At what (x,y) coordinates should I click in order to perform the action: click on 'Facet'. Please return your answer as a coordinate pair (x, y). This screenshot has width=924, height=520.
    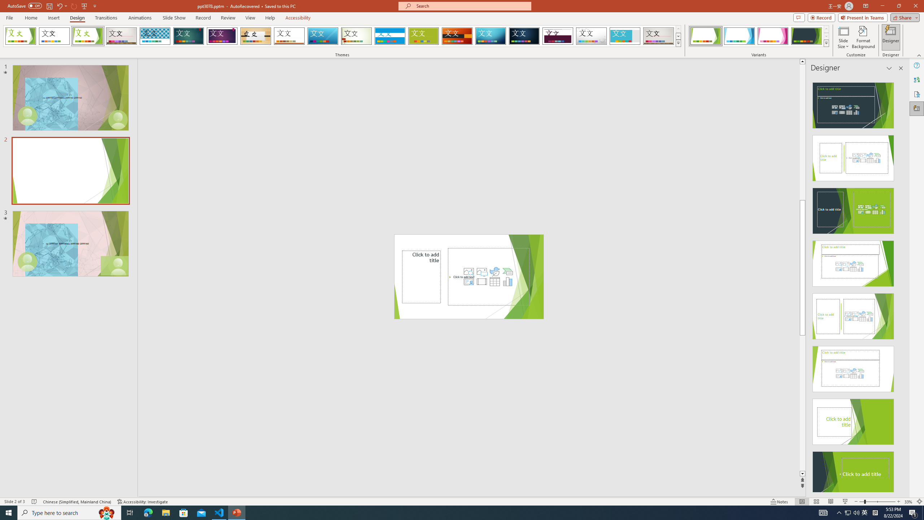
    Looking at the image, I should click on (87, 36).